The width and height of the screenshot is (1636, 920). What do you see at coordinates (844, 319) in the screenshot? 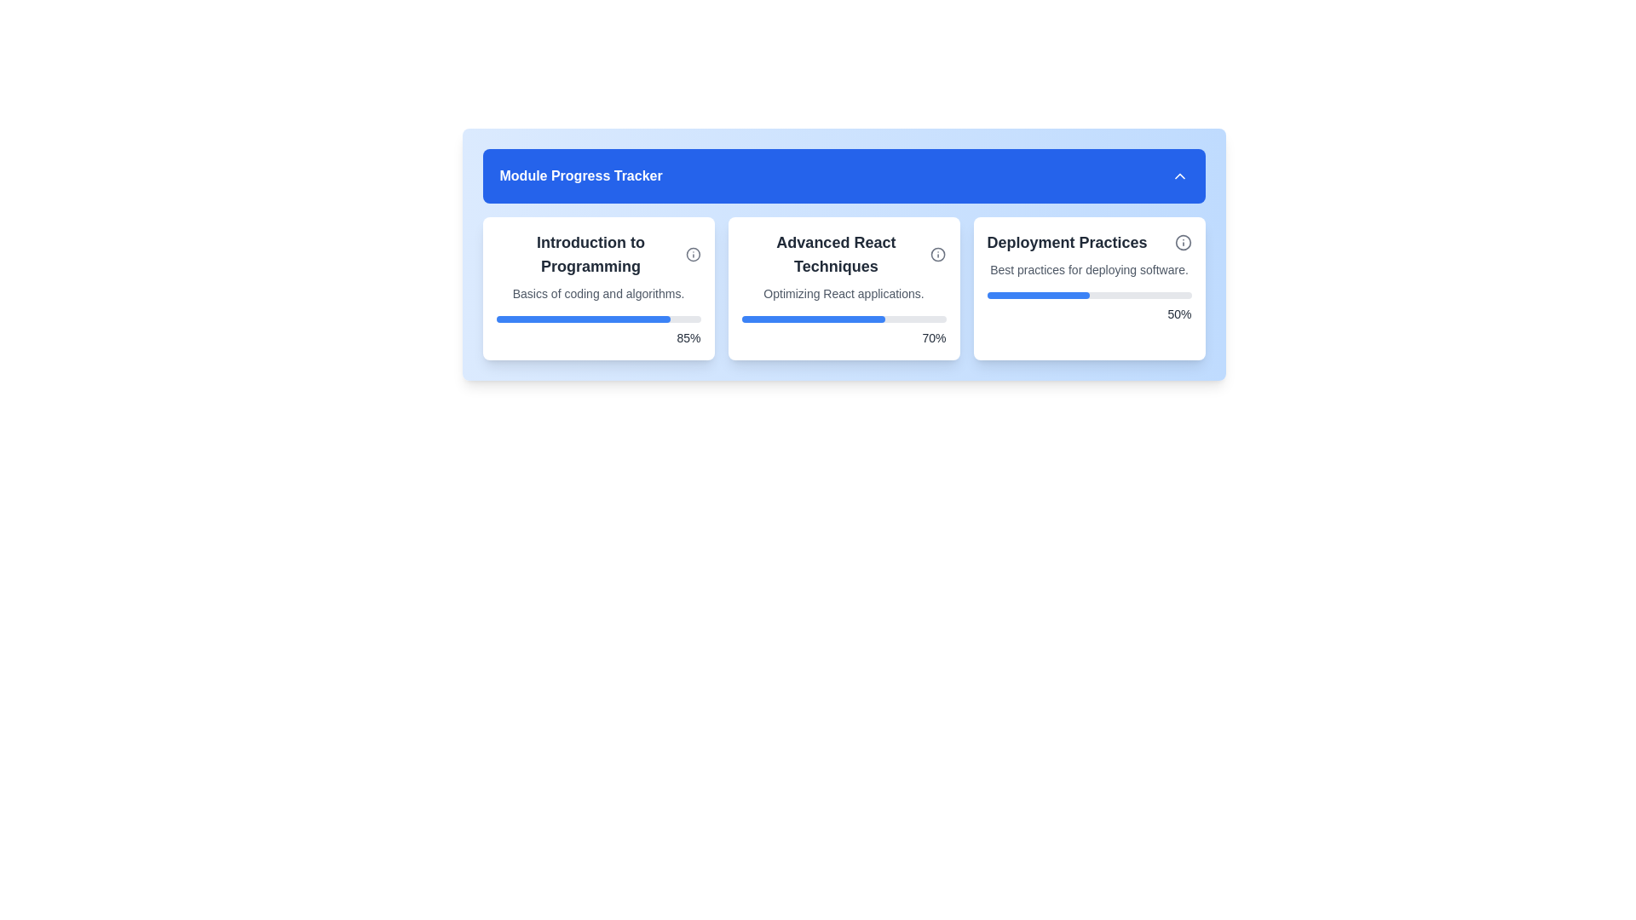
I see `the progress bar indicating 70% completion of the 'Advanced React Techniques' module` at bounding box center [844, 319].